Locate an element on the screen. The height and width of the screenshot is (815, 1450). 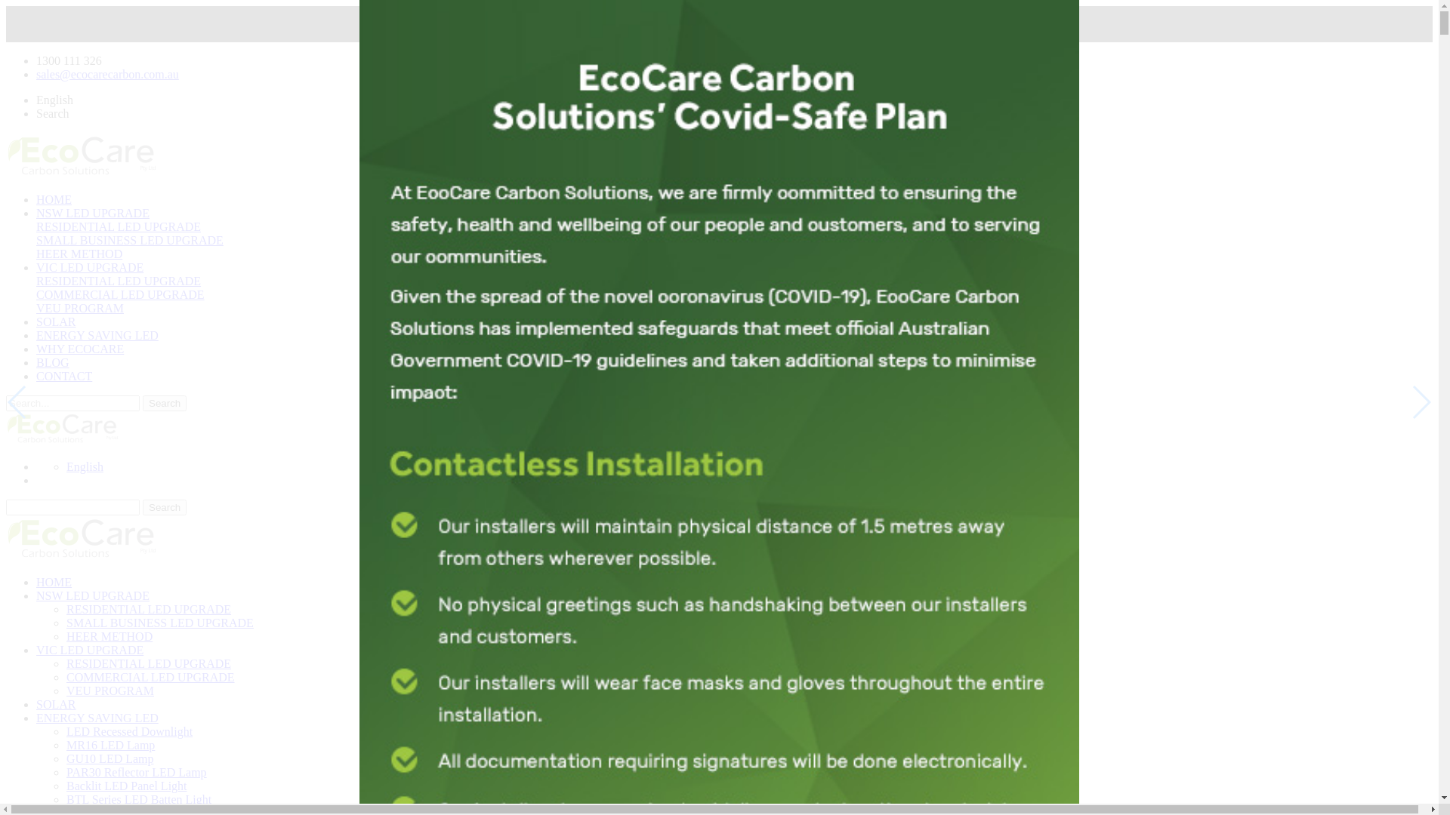
'sales@ecocarecarbon.com.au' is located at coordinates (106, 74).